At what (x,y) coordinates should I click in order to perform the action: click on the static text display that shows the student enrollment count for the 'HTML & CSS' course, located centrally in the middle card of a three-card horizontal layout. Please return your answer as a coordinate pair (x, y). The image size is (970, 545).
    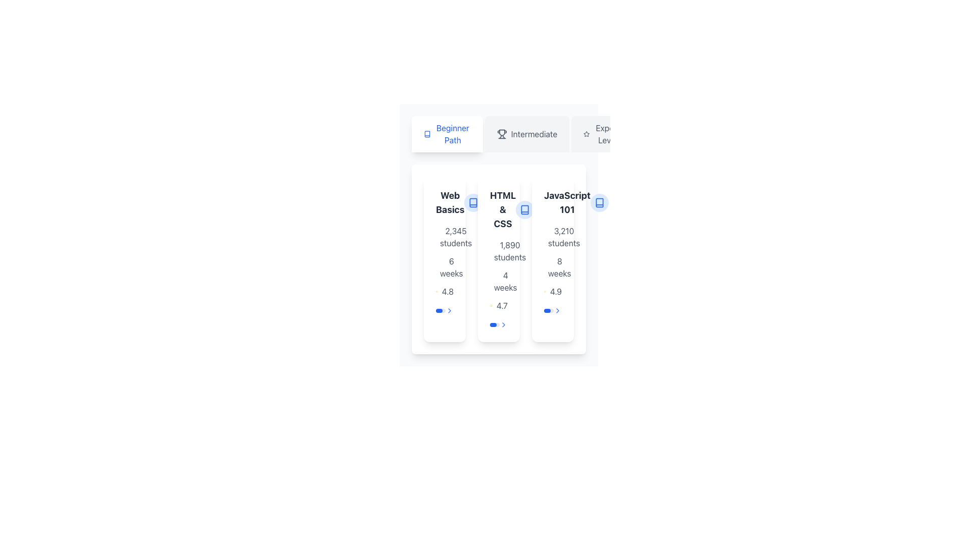
    Looking at the image, I should click on (510, 250).